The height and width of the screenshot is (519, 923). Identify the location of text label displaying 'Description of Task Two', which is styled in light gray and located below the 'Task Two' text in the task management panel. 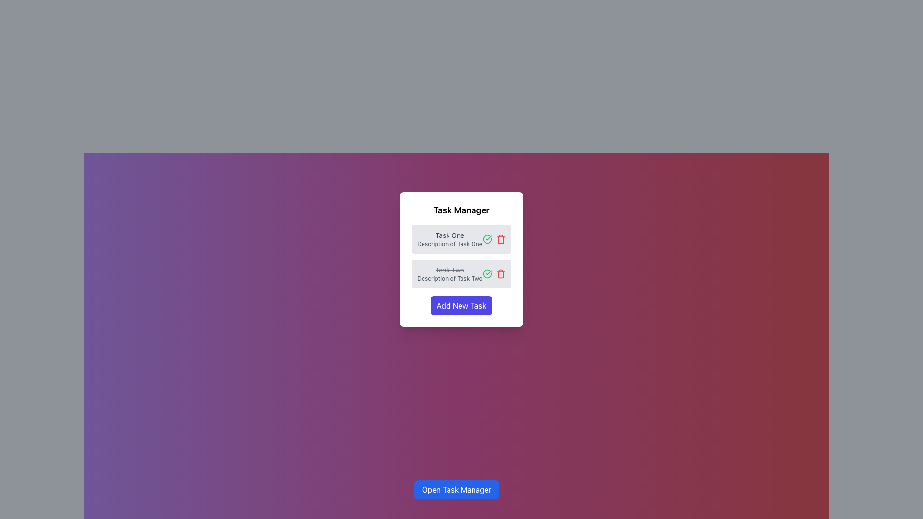
(449, 278).